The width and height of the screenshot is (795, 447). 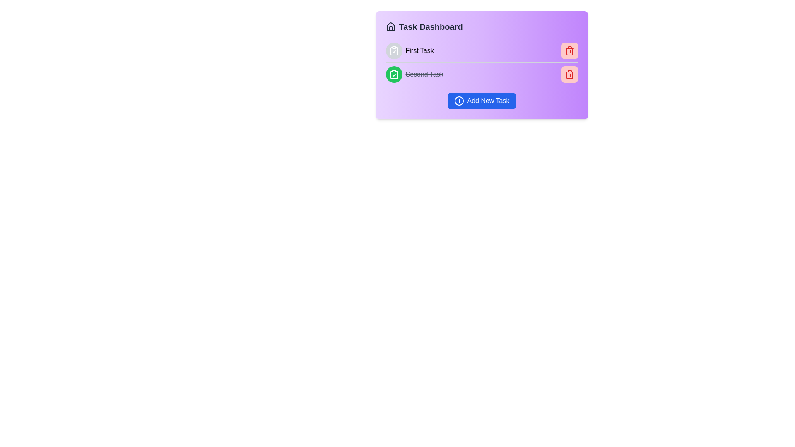 I want to click on the completed task text located below the 'First Task' entry in the 'Task Dashboard', which is marked with a strikethrough style and positioned to the right of a green circular icon with a white checkmark, so click(x=424, y=74).